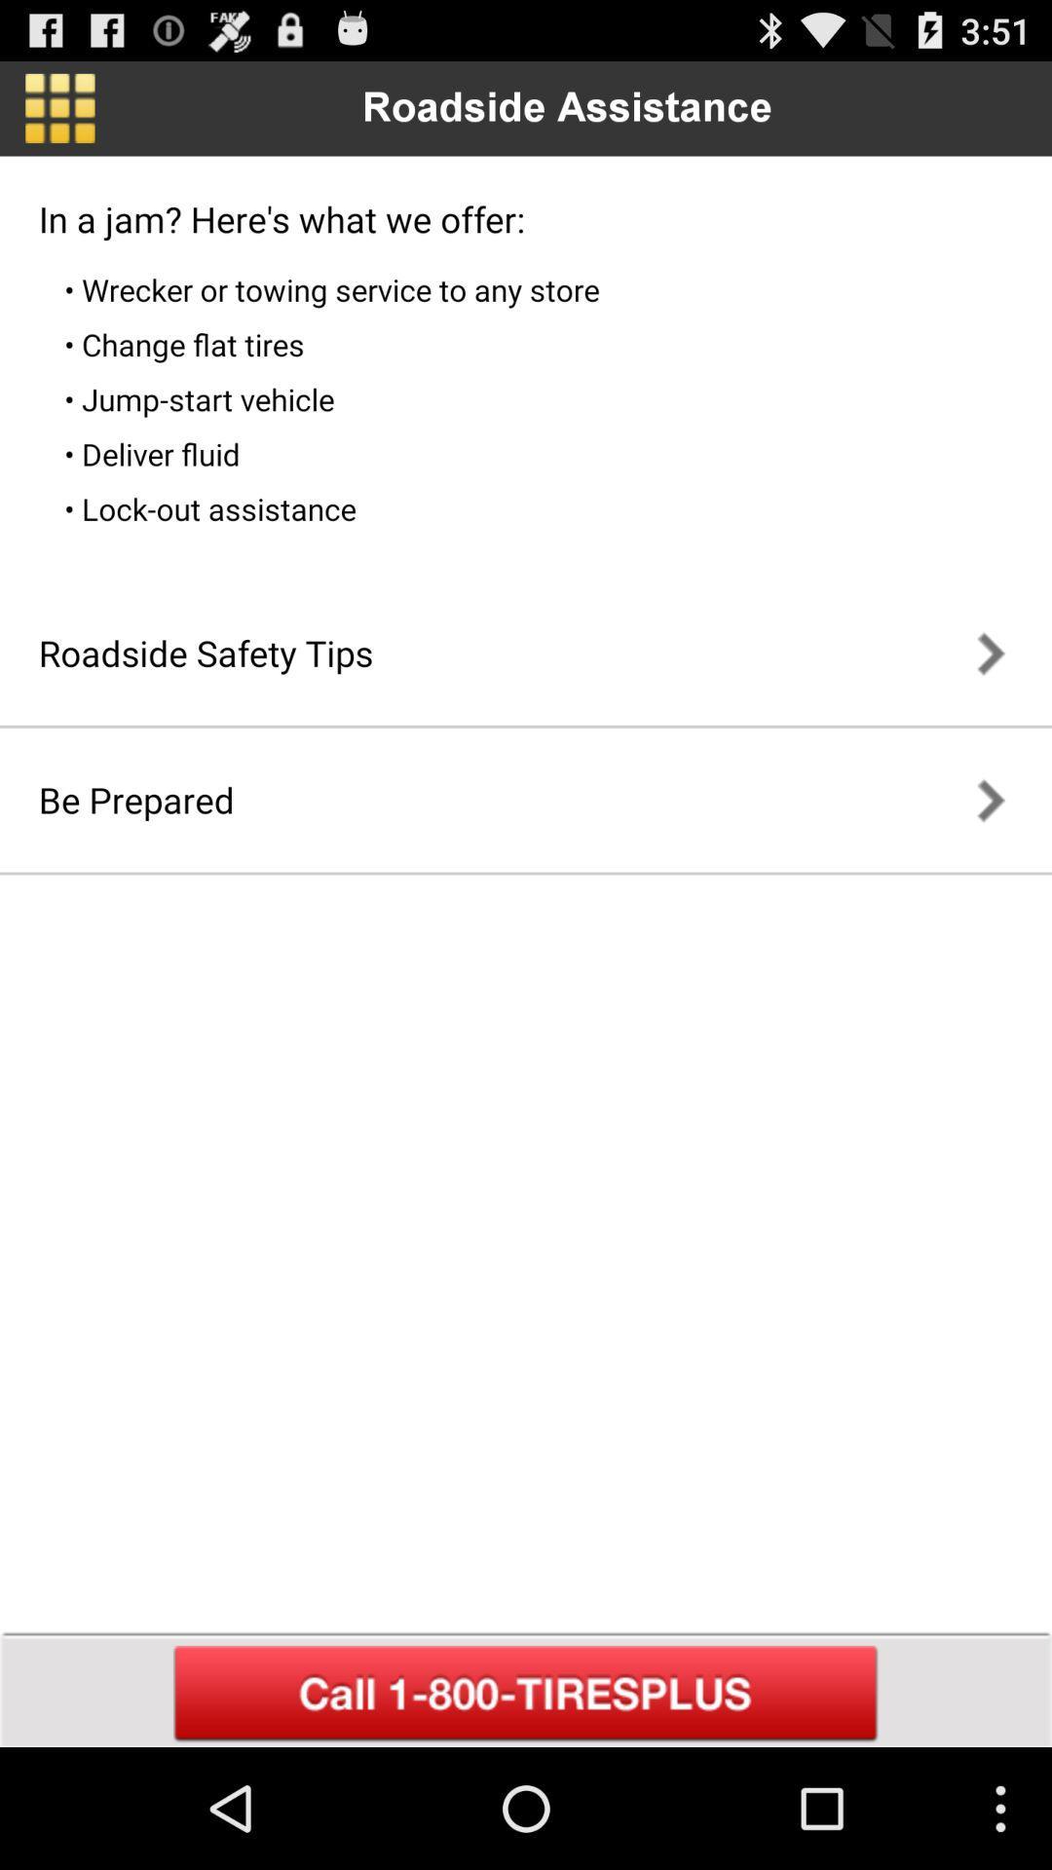  I want to click on the item to the left of roadside assistance icon, so click(58, 107).